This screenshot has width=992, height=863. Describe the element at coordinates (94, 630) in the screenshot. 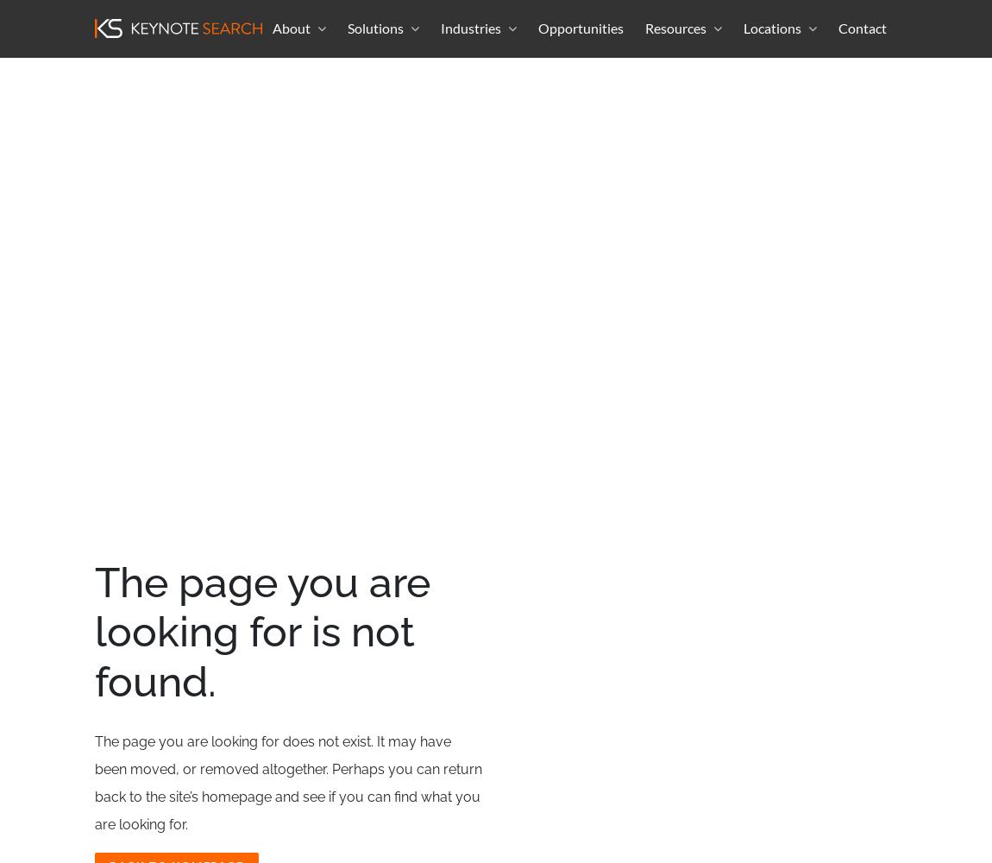

I see `'The page you are looking for is not found.'` at that location.